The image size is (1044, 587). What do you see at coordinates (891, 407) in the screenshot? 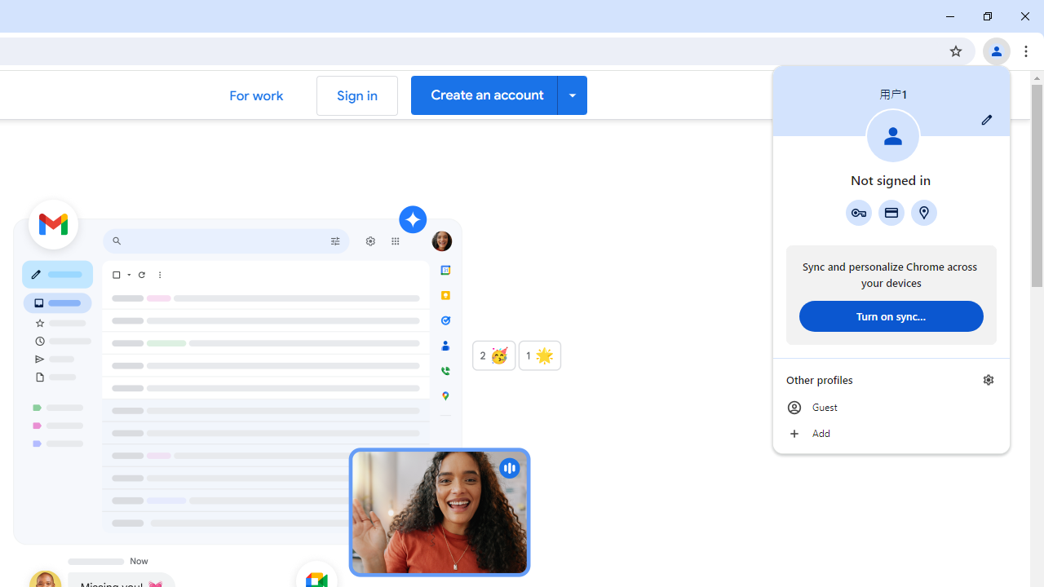
I see `'Guest'` at bounding box center [891, 407].